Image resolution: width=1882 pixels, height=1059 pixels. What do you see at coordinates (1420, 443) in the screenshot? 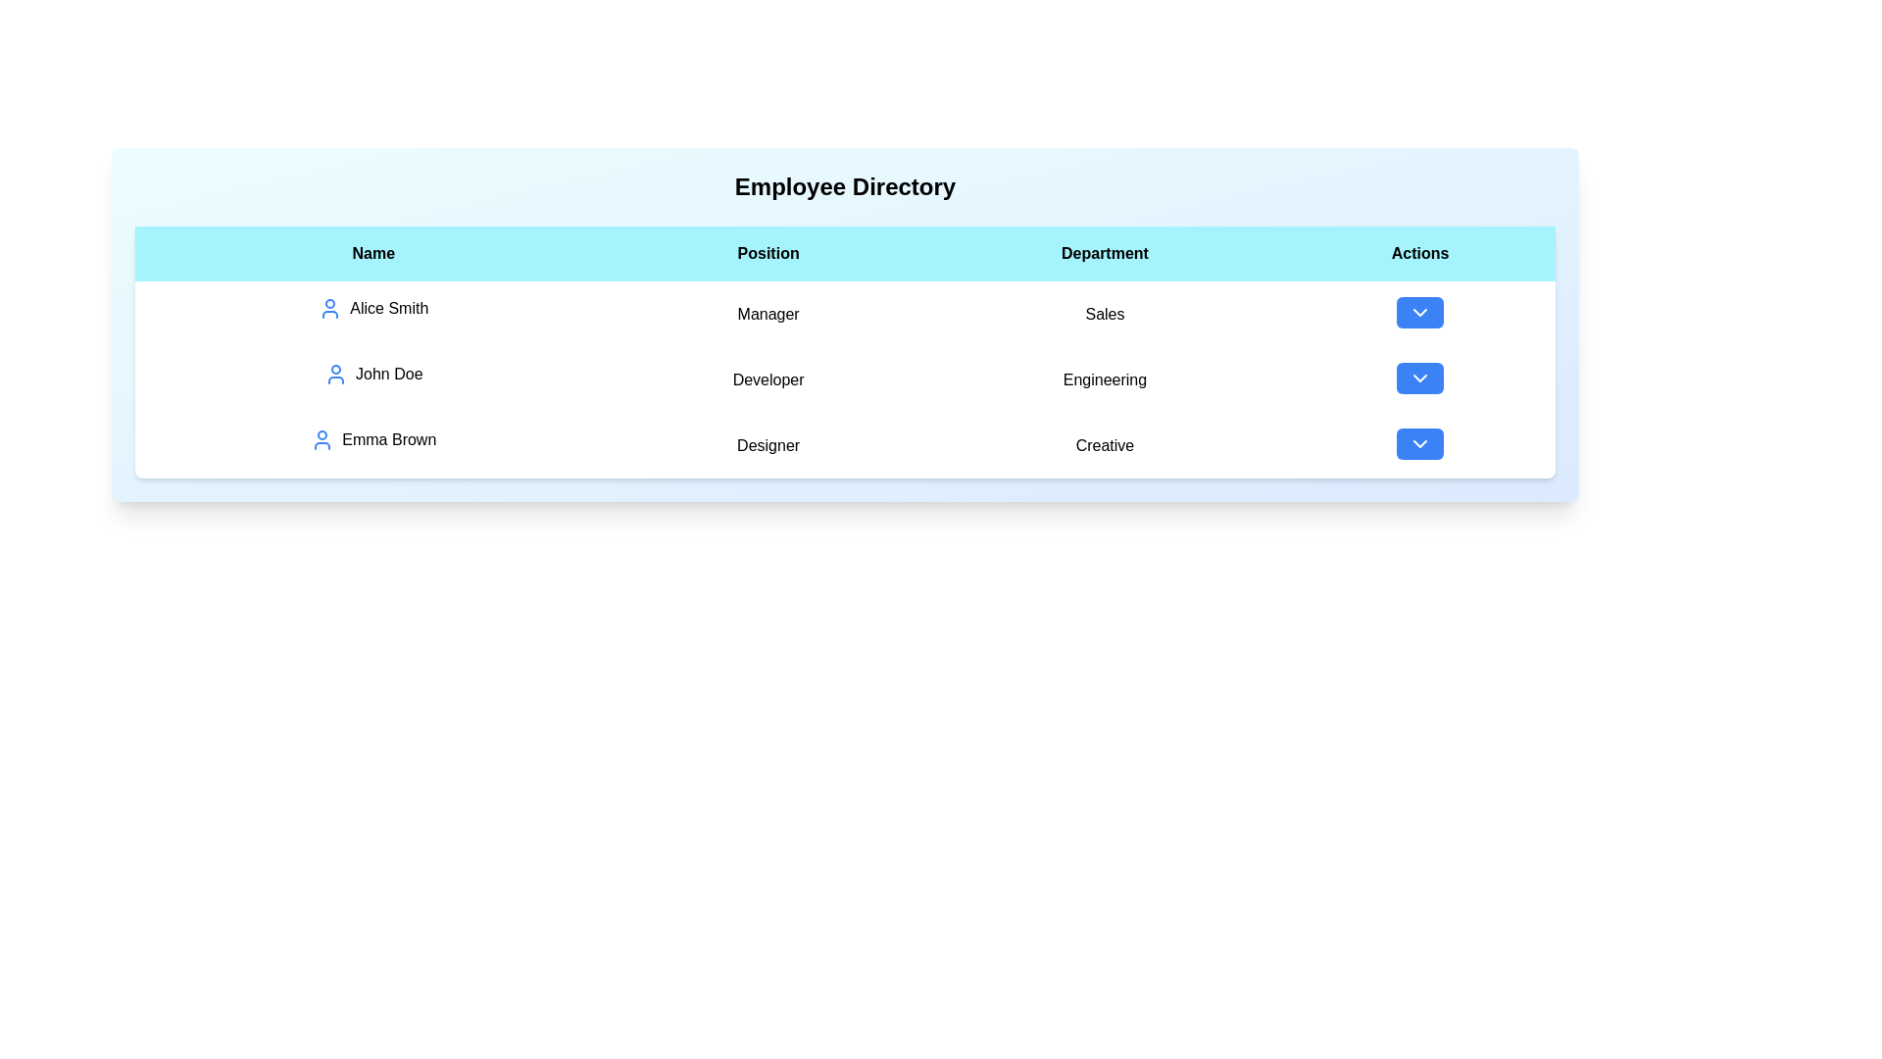
I see `the dropdown button aligned with the 'Creative' label in the 'Department' column to trigger a tooltip or highlight effect` at bounding box center [1420, 443].